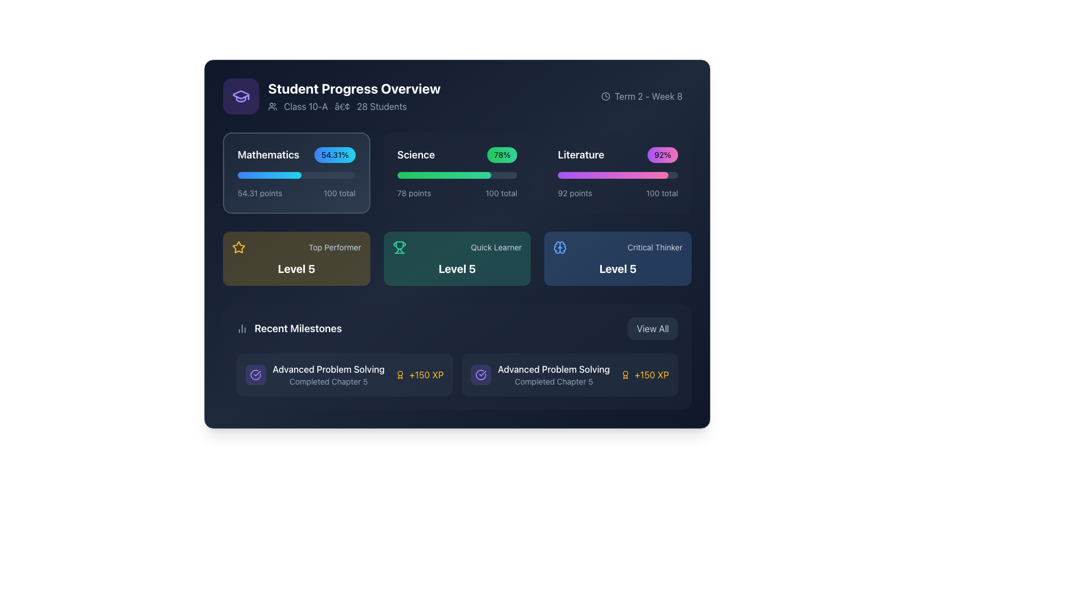  What do you see at coordinates (496, 247) in the screenshot?
I see `the static text label that says 'Quick Learner', which is styled in a small, light-colored font against a dark green background, positioned within the 'Level 5' green card` at bounding box center [496, 247].